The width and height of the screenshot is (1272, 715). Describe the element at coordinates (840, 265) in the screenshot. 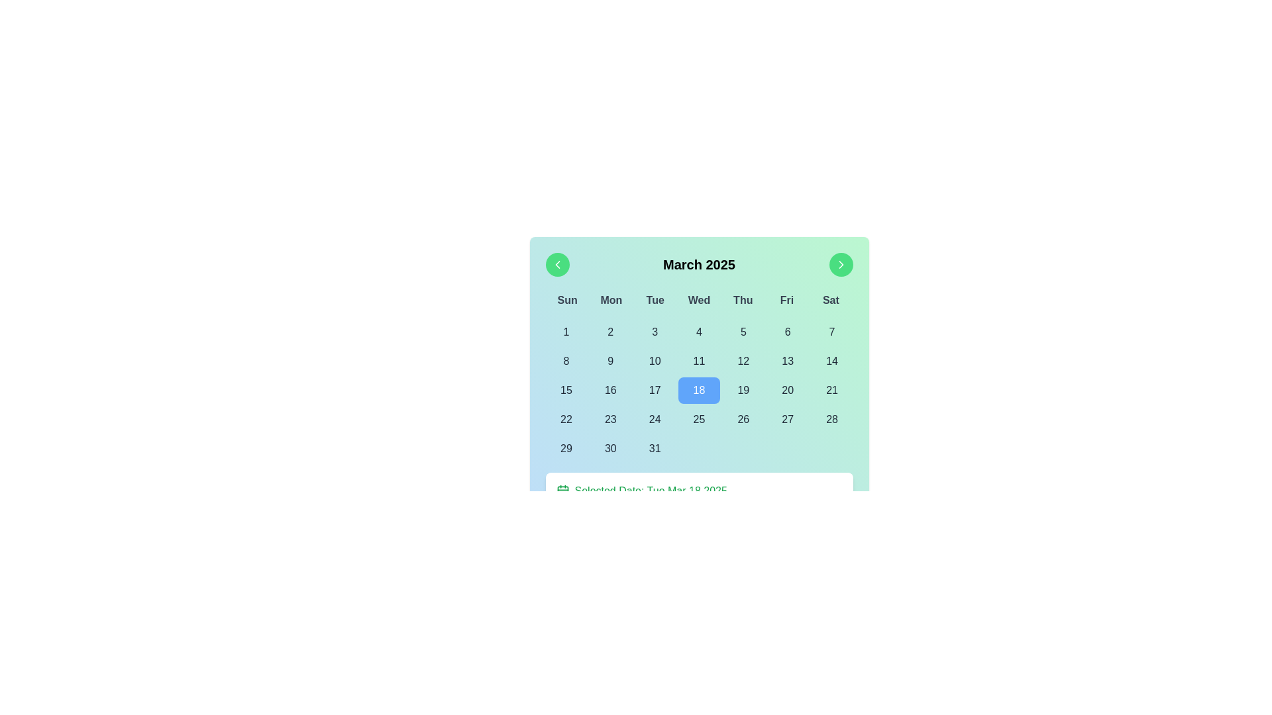

I see `the circular green button with a white triangular chevron pointing to the right` at that location.